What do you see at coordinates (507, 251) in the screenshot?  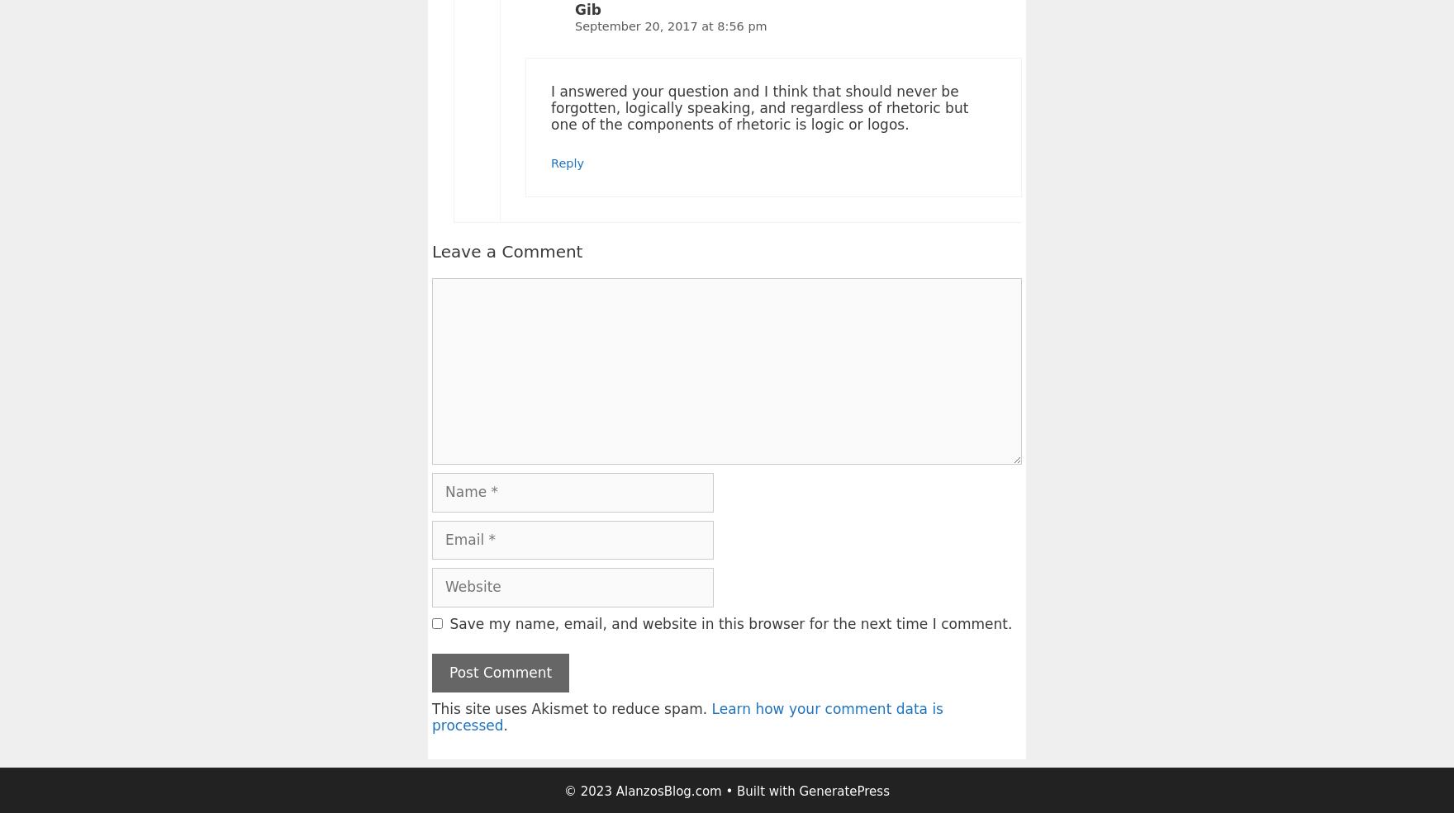 I see `'Leave a Comment'` at bounding box center [507, 251].